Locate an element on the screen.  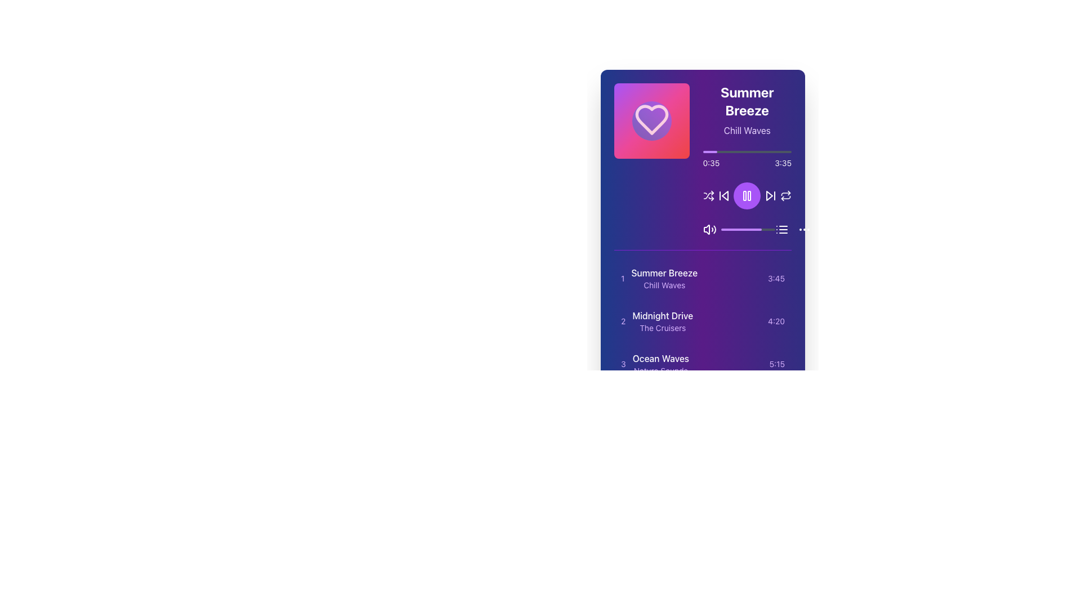
the rewind button located in the media player interface, which is the second button to the left of the playback controls, to skip back to the previous track or rewind the current track is located at coordinates (723, 195).